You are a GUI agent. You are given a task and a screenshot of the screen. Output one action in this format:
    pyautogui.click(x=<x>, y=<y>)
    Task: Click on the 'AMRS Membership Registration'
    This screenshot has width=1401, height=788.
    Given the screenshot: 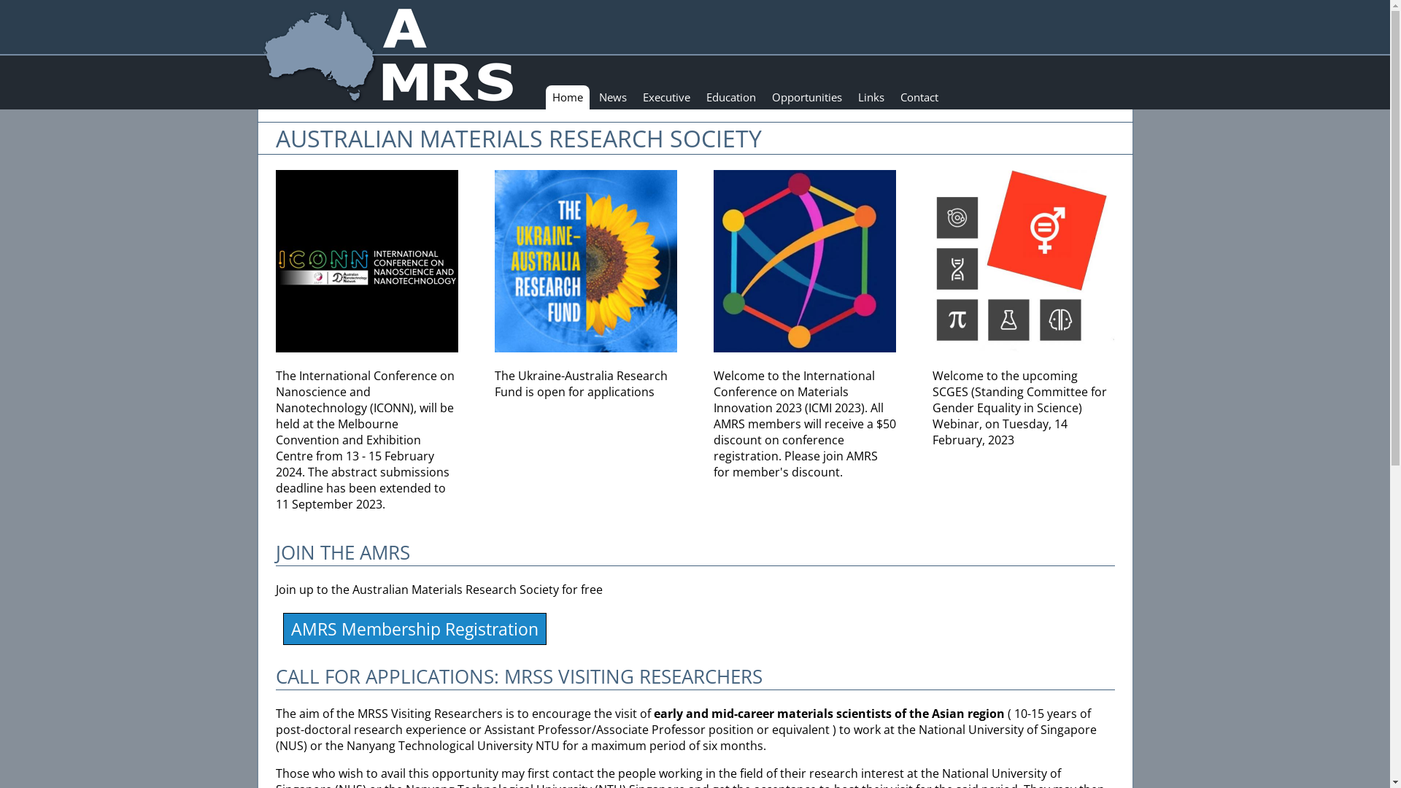 What is the action you would take?
    pyautogui.click(x=414, y=627)
    